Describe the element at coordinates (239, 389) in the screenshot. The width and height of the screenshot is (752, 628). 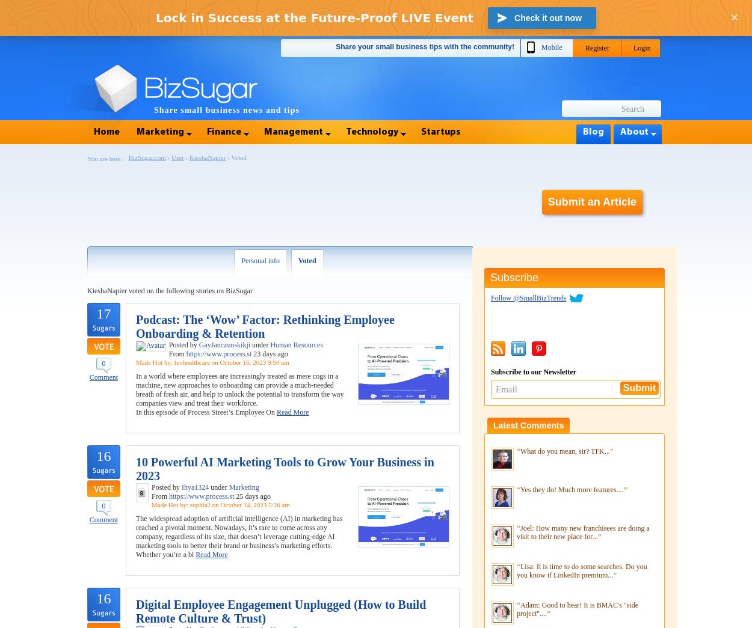
I see `'In a world where employees are increasingly treated as mere cogs in a machine, new approaches to onboarding can provide a much-needed breath of fresh air, and help to unlock the potential to transform the way companies view and treat their workforce.'` at that location.